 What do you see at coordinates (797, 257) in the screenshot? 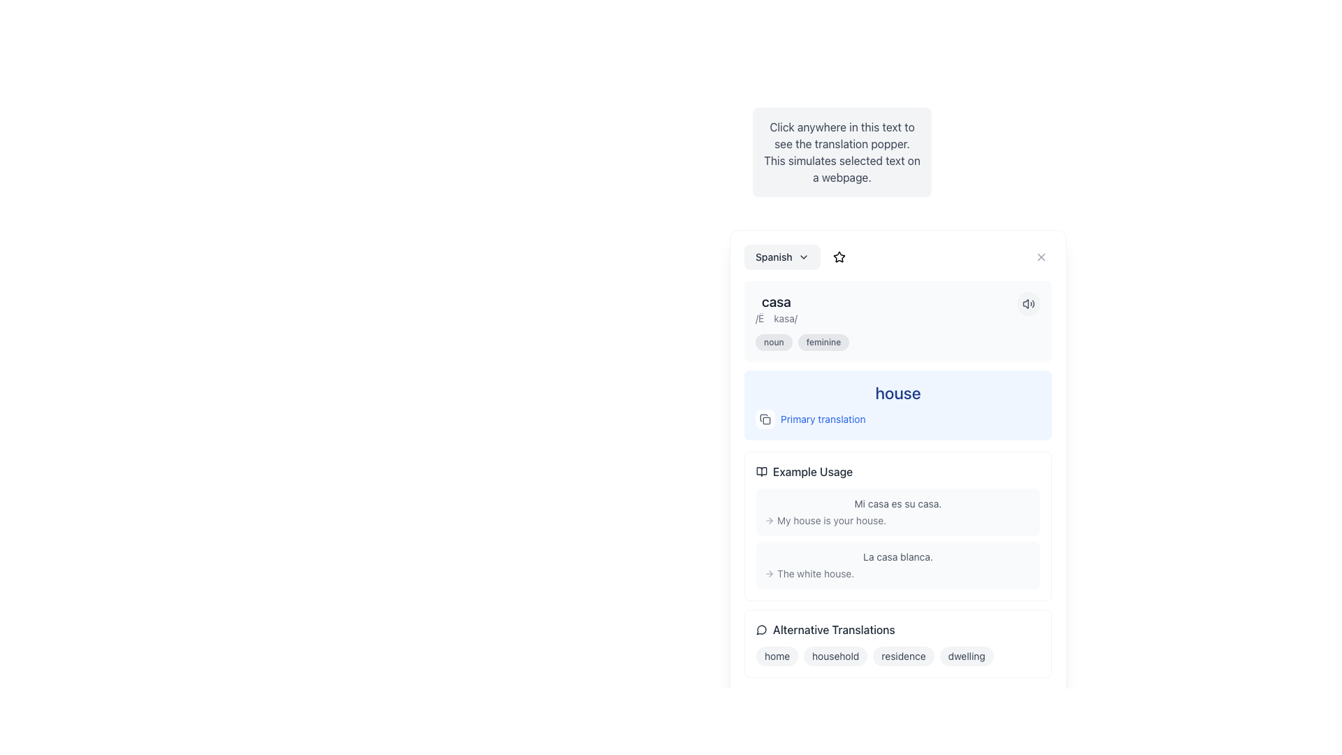
I see `the 'Spanish' text label with the chevron icon to potentially reveal tooltip information` at bounding box center [797, 257].